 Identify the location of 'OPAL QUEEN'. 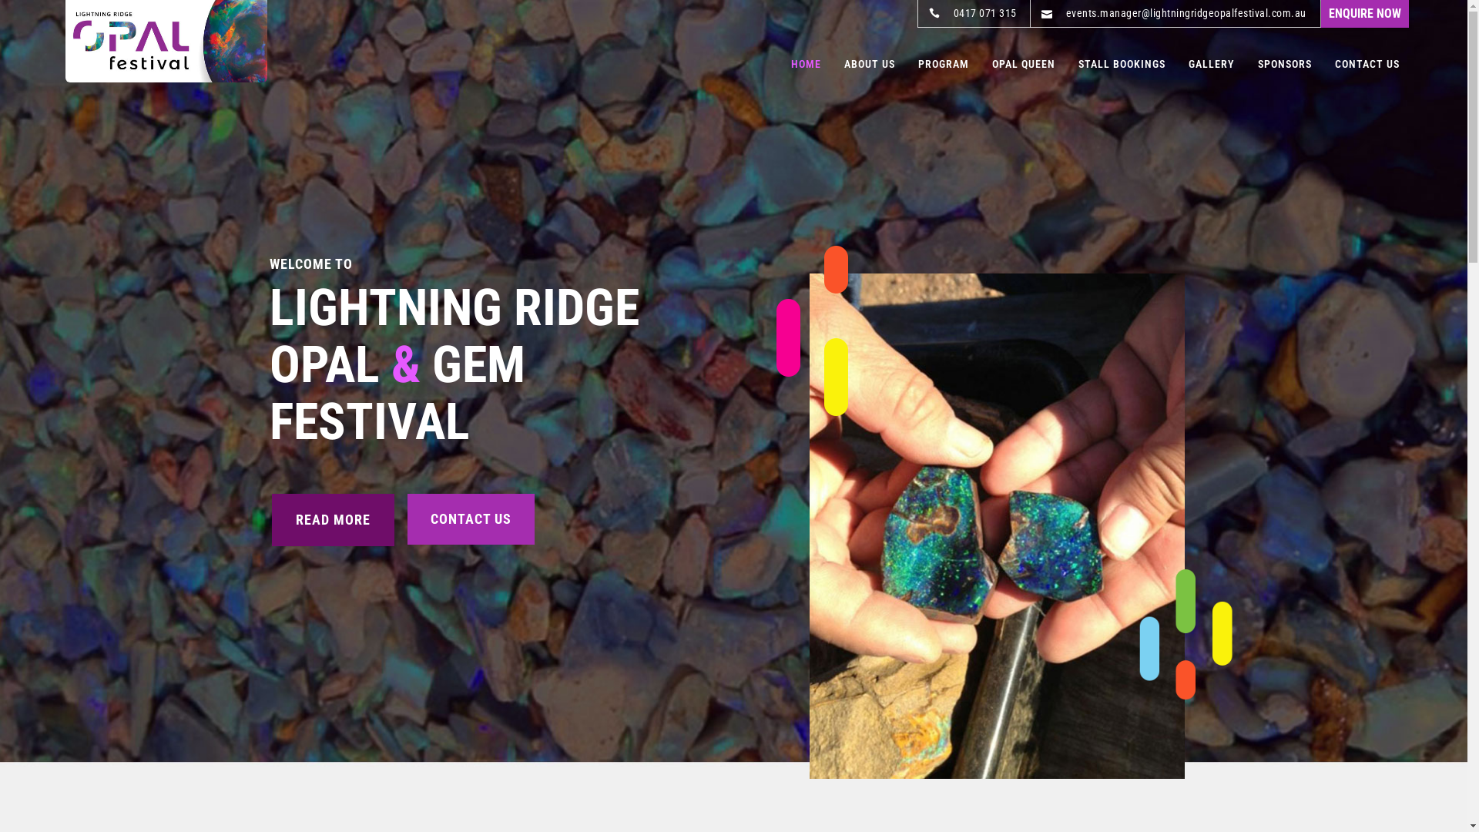
(1024, 63).